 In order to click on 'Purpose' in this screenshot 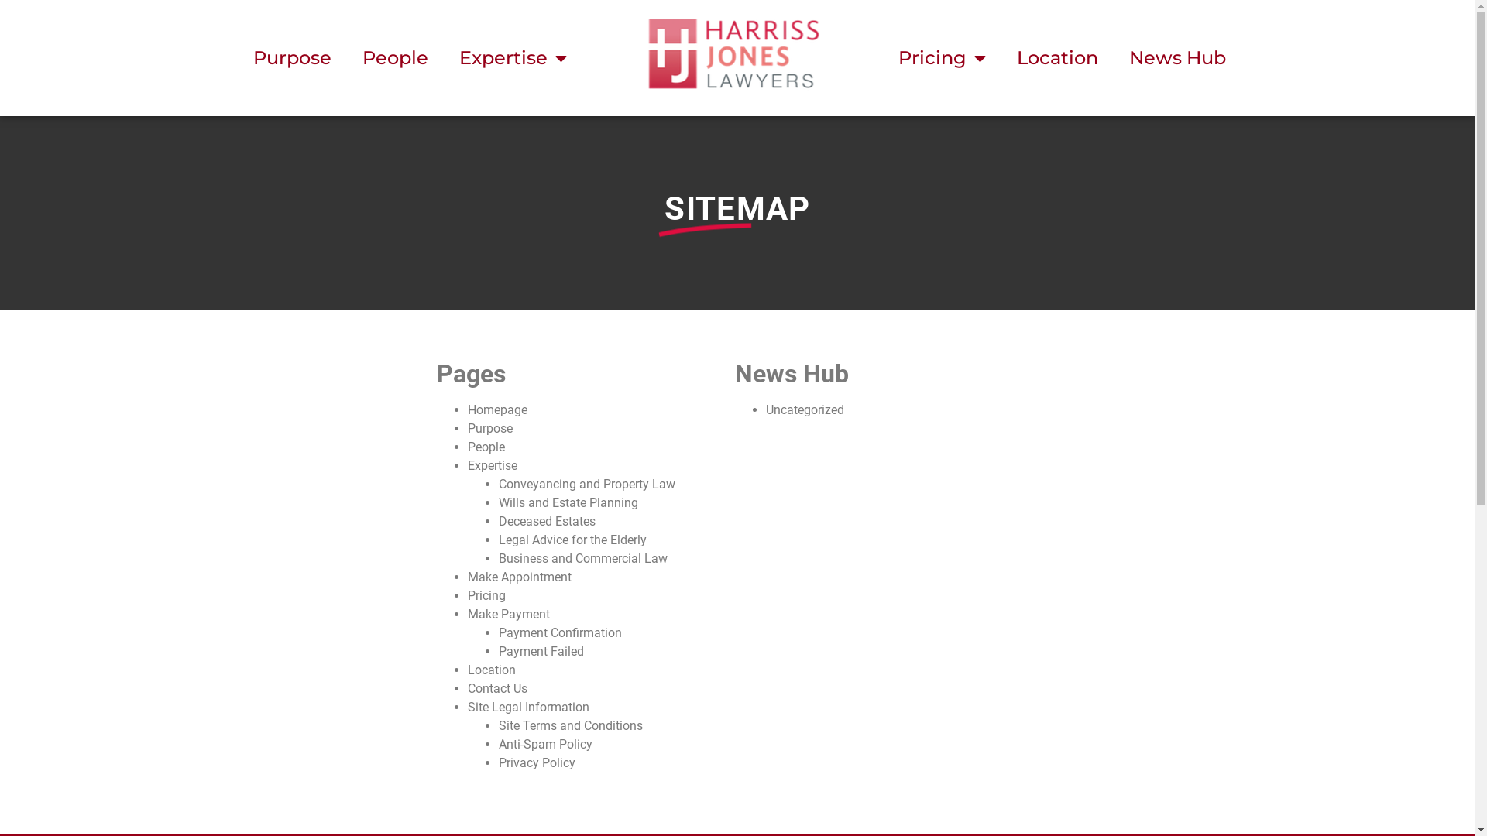, I will do `click(489, 428)`.